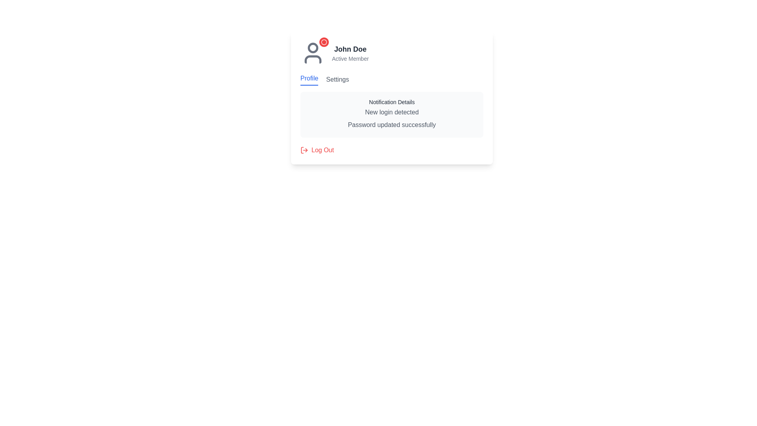 The image size is (757, 426). I want to click on the Text display component that shows the user's name and status, located in the upper-right section of the interface, next to the profile icon, so click(350, 53).